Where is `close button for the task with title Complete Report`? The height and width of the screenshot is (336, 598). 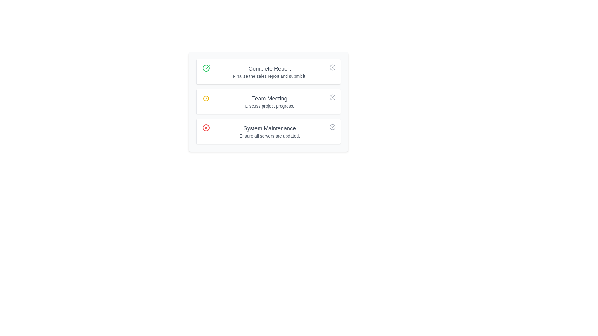
close button for the task with title Complete Report is located at coordinates (332, 67).